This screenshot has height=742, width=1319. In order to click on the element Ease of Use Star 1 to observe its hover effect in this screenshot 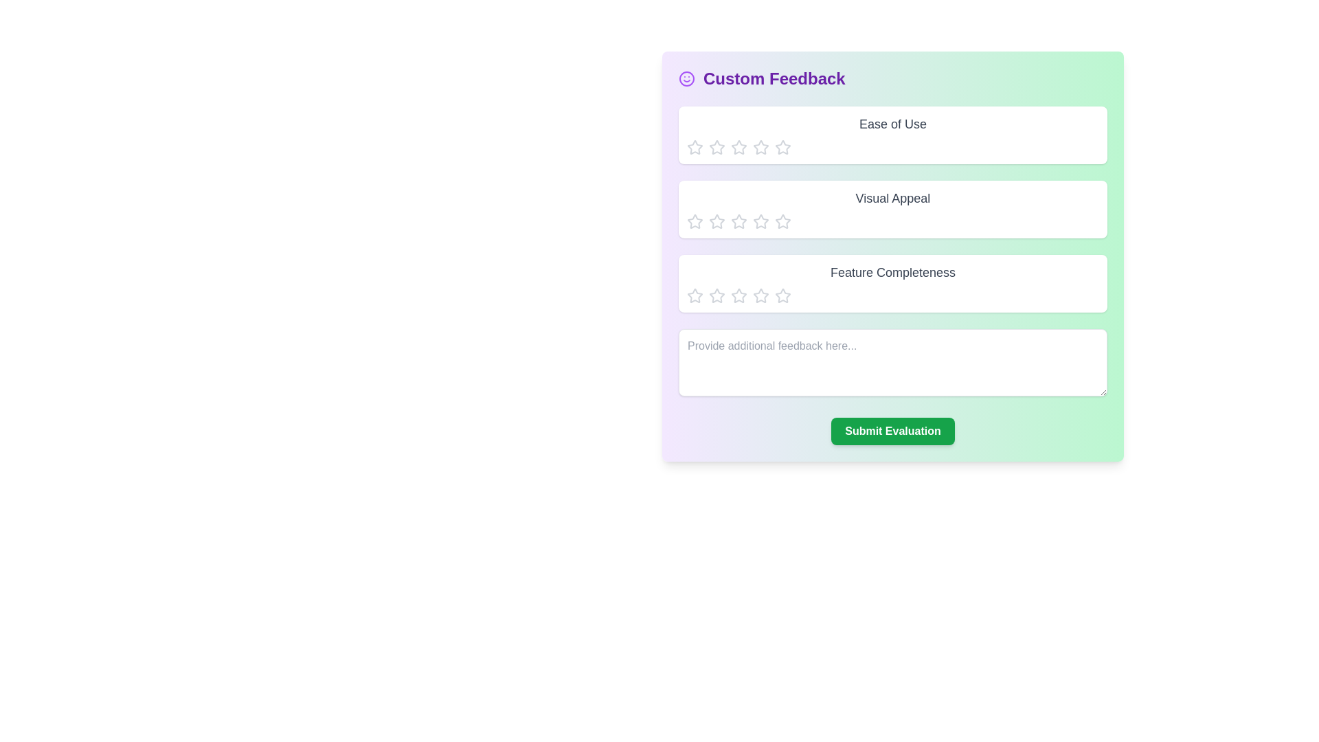, I will do `click(695, 148)`.